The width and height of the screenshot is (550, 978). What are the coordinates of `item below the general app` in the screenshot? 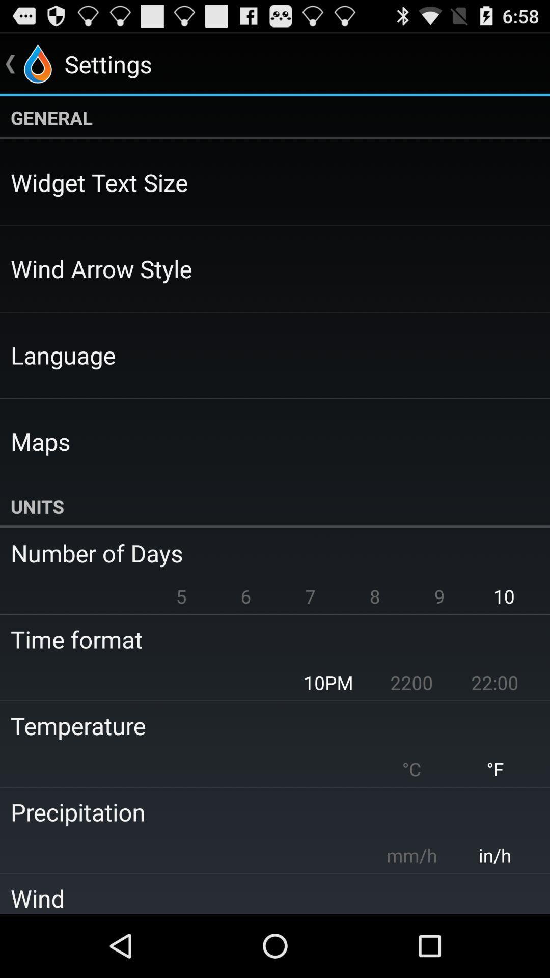 It's located at (99, 182).